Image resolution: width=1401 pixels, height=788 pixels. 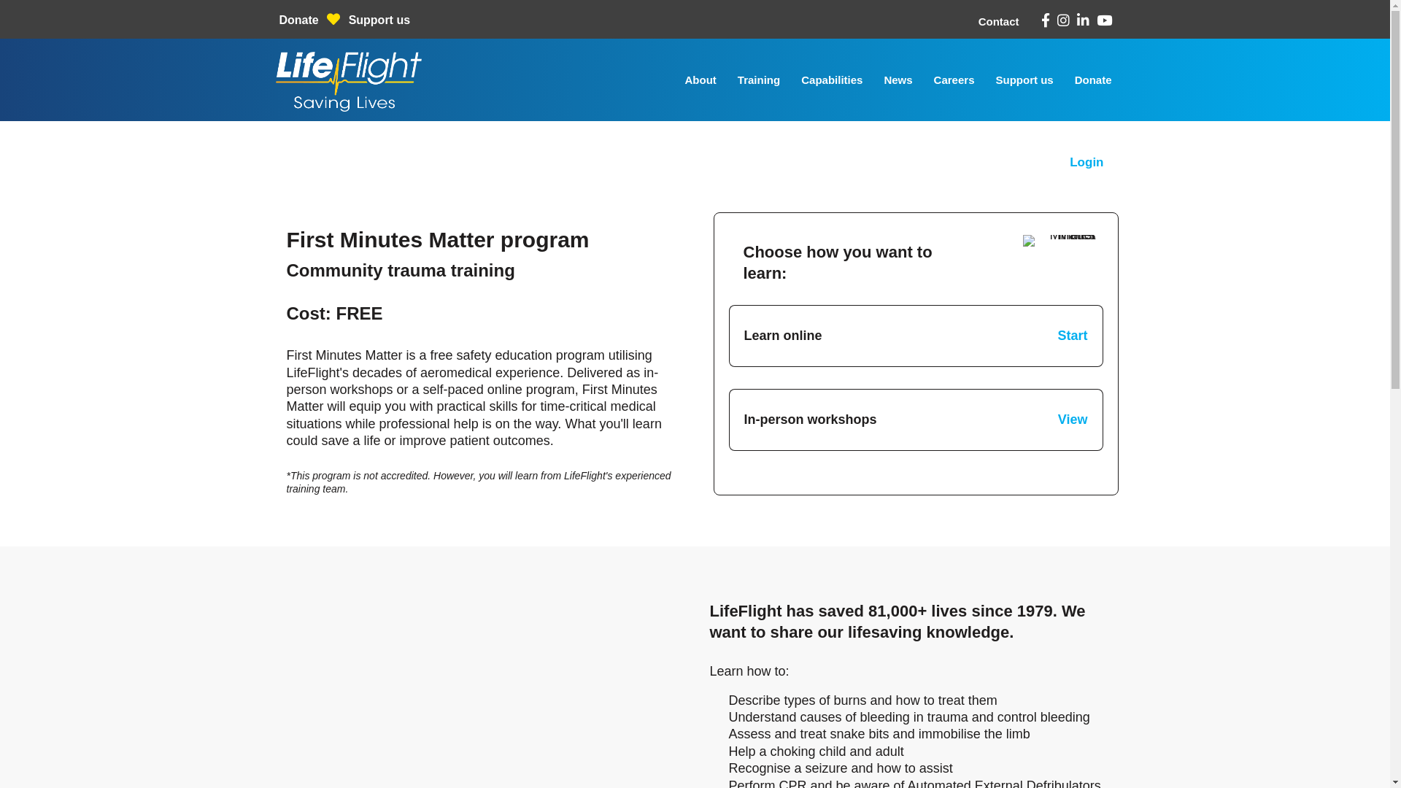 I want to click on 'Start', so click(x=1073, y=335).